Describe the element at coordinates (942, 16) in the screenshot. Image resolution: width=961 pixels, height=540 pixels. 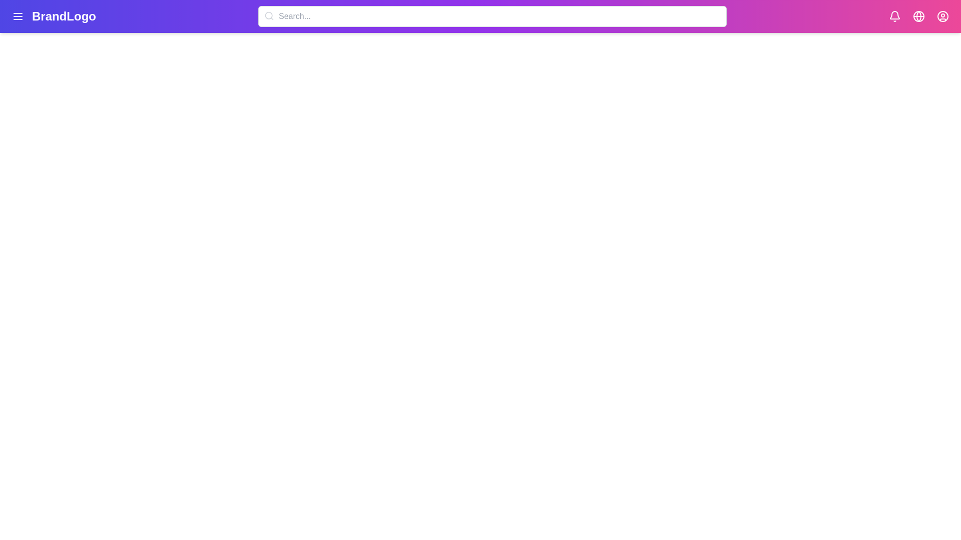
I see `the user profile icon button located in the top-right corner of the navigation bar` at that location.